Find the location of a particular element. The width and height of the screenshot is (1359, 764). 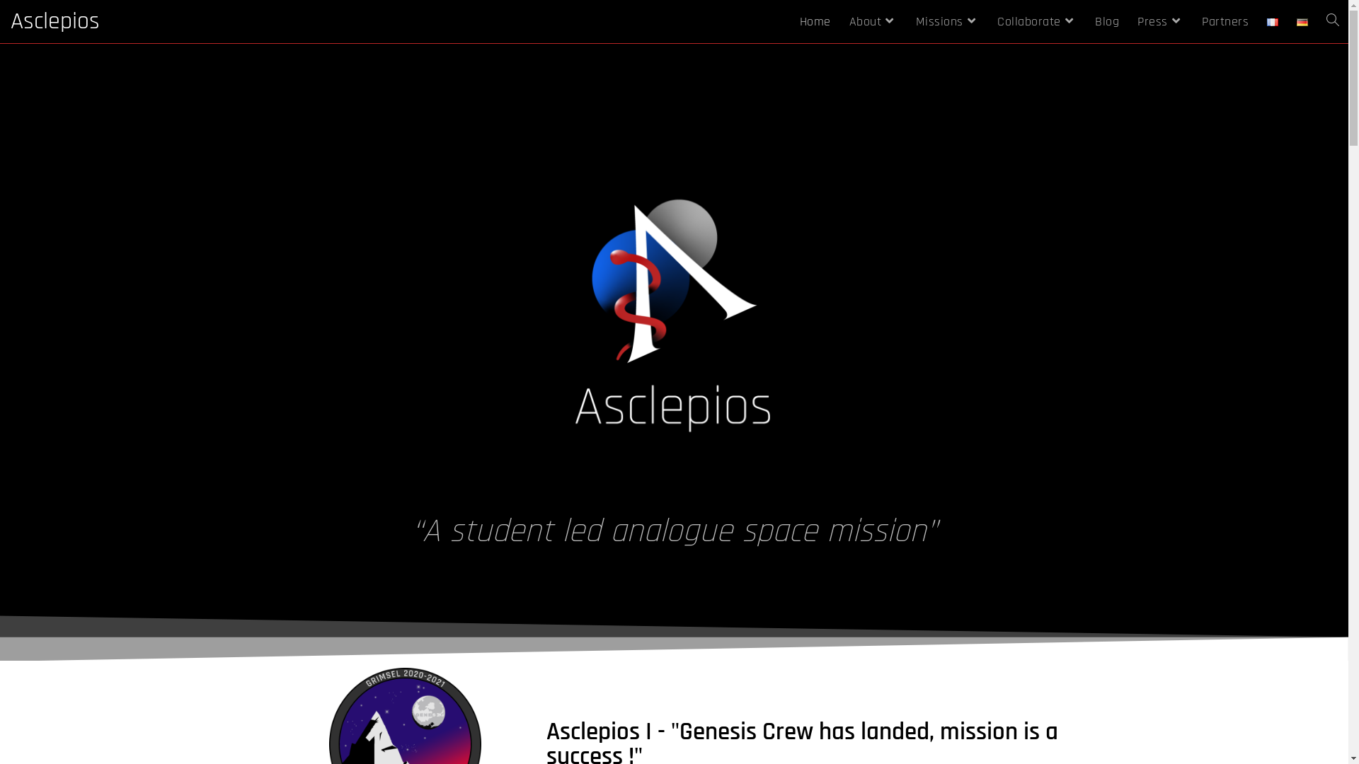

'Partners' is located at coordinates (1225, 21).